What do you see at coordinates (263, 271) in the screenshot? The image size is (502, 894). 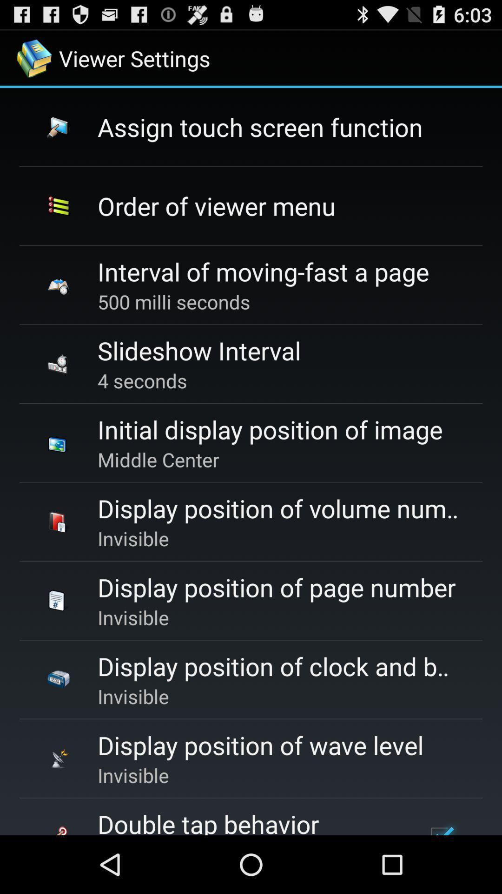 I see `the interval of moving icon` at bounding box center [263, 271].